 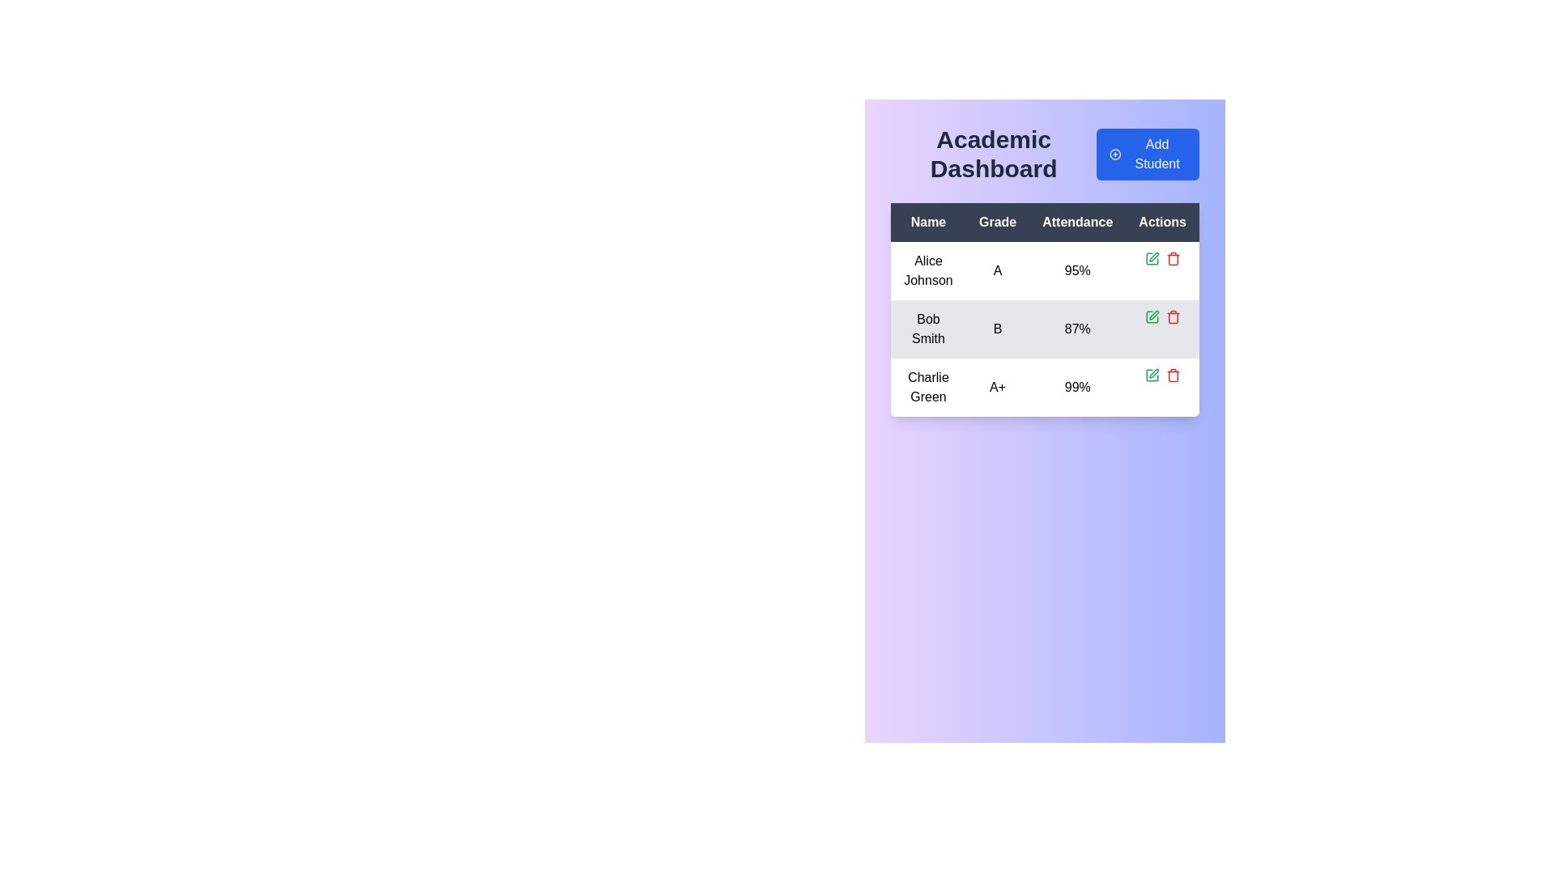 I want to click on the attendance percentage text label for 'Bob Smith', which is located in the Attendance column of the table, between the elements labeled 'B' and the action icons, so click(x=1077, y=329).